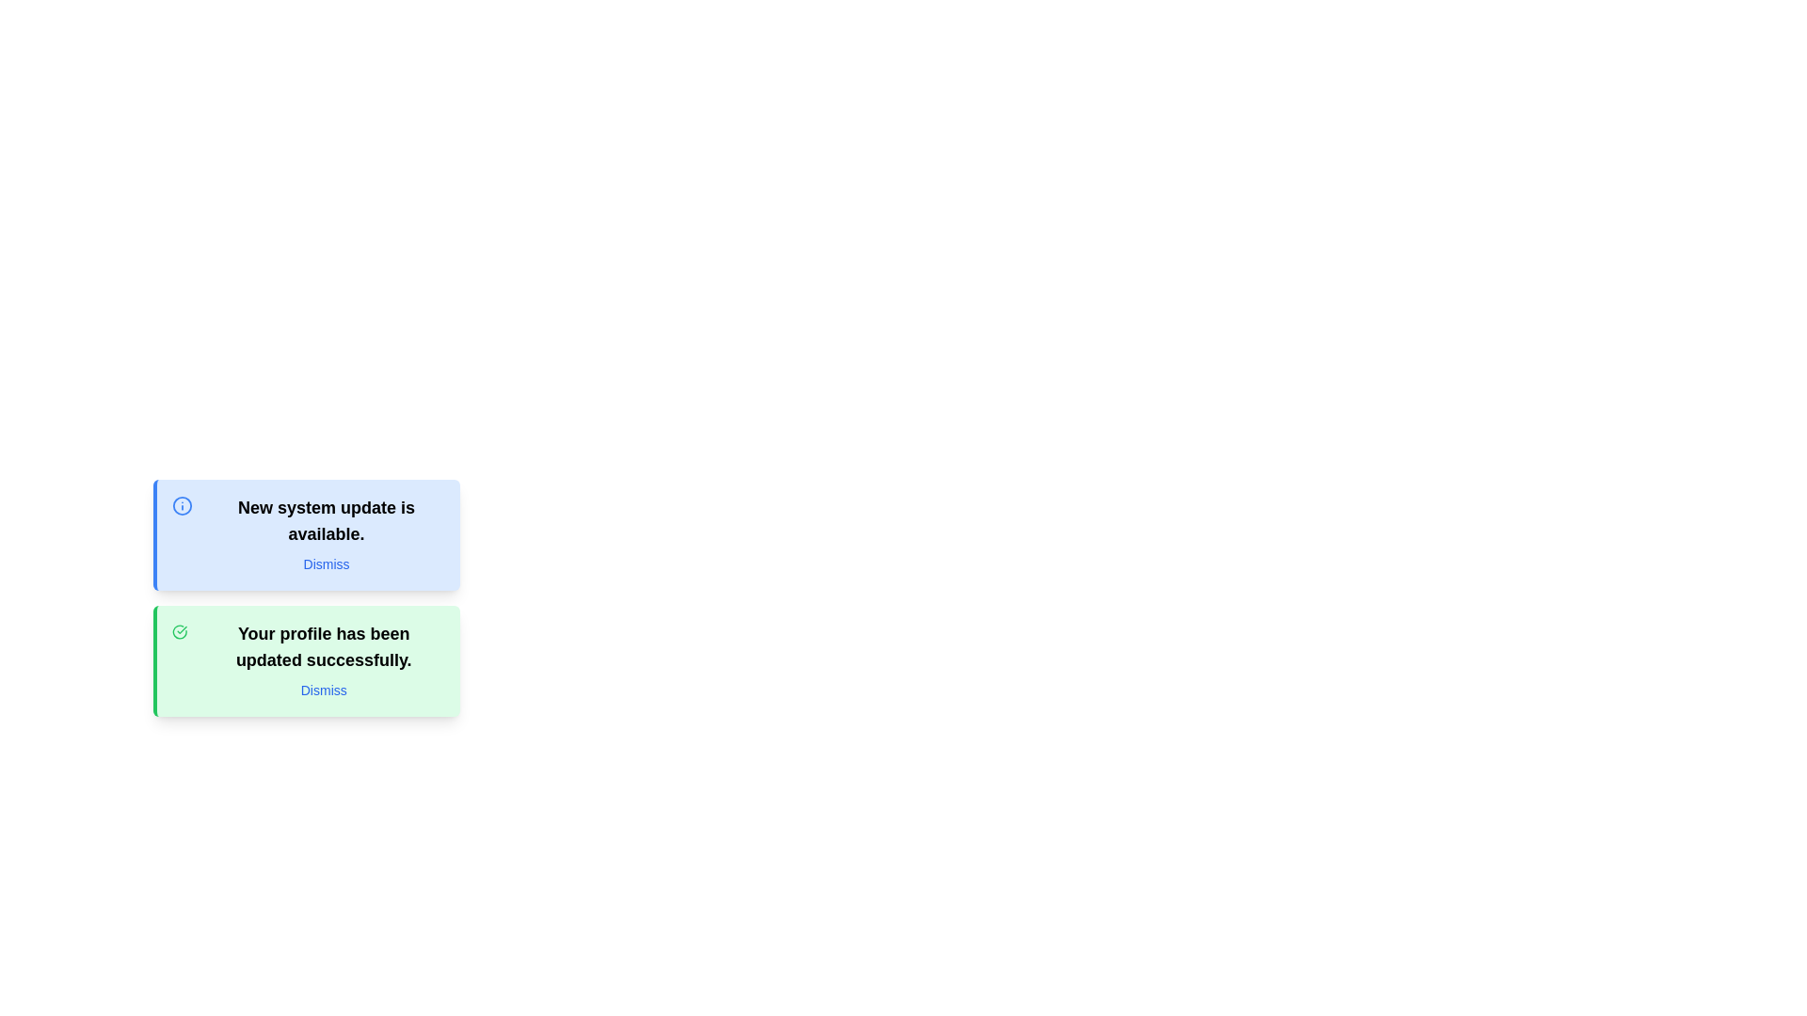 The image size is (1807, 1016). Describe the element at coordinates (324, 690) in the screenshot. I see `the hyperlink located below the text 'Your profile has been updated successfully.'` at that location.